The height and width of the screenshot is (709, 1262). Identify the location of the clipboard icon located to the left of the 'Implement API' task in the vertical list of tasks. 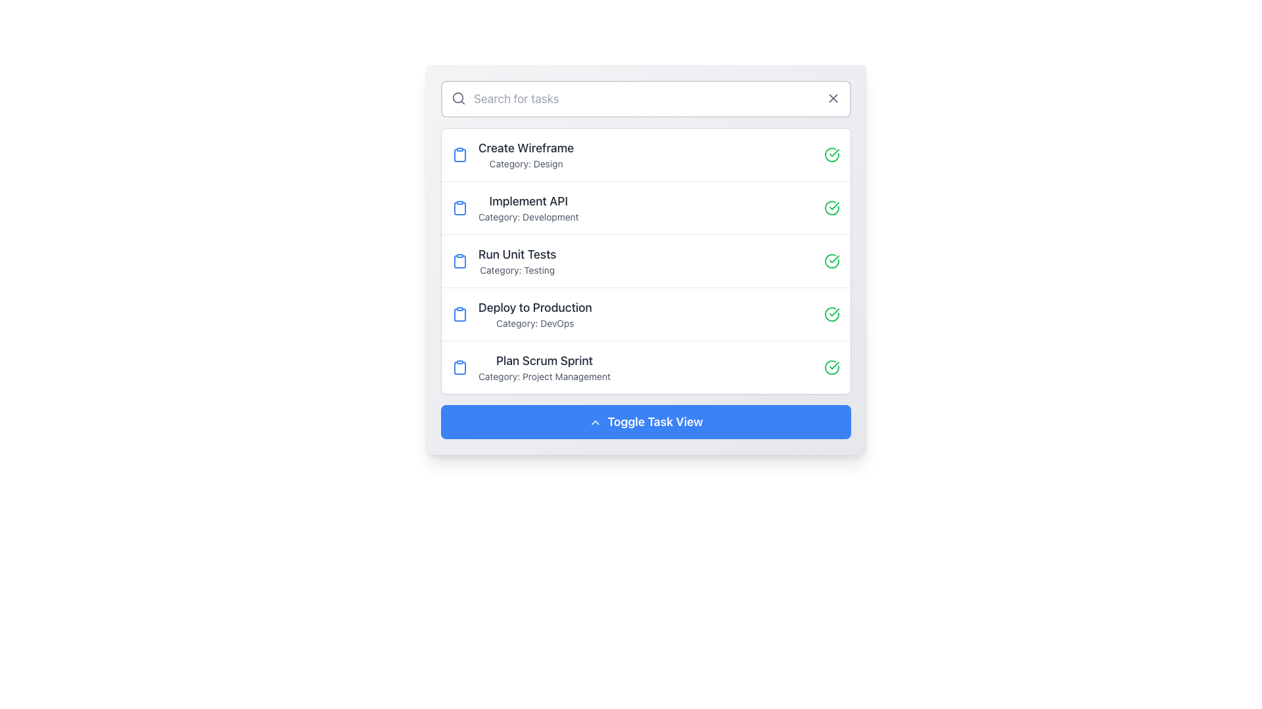
(460, 207).